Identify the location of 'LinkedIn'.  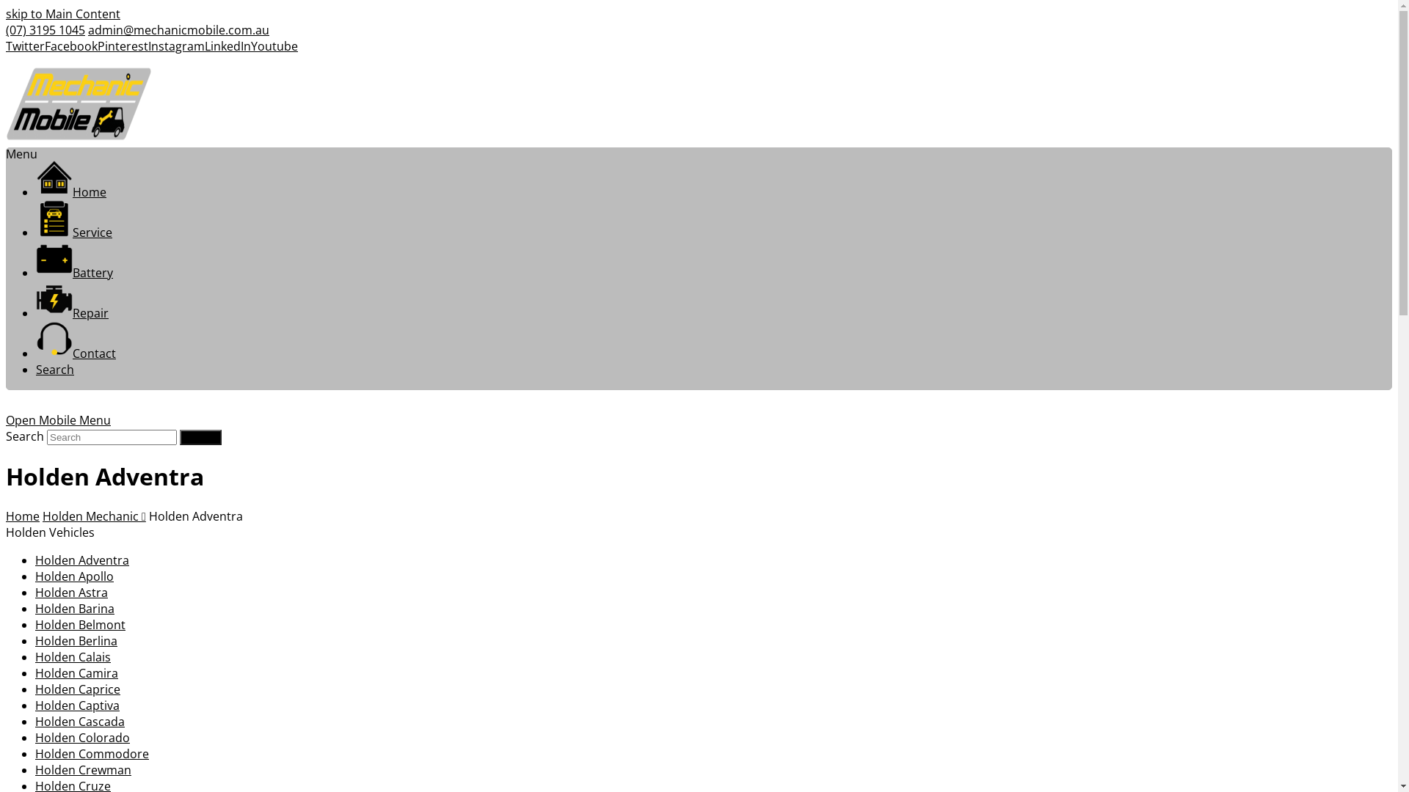
(203, 45).